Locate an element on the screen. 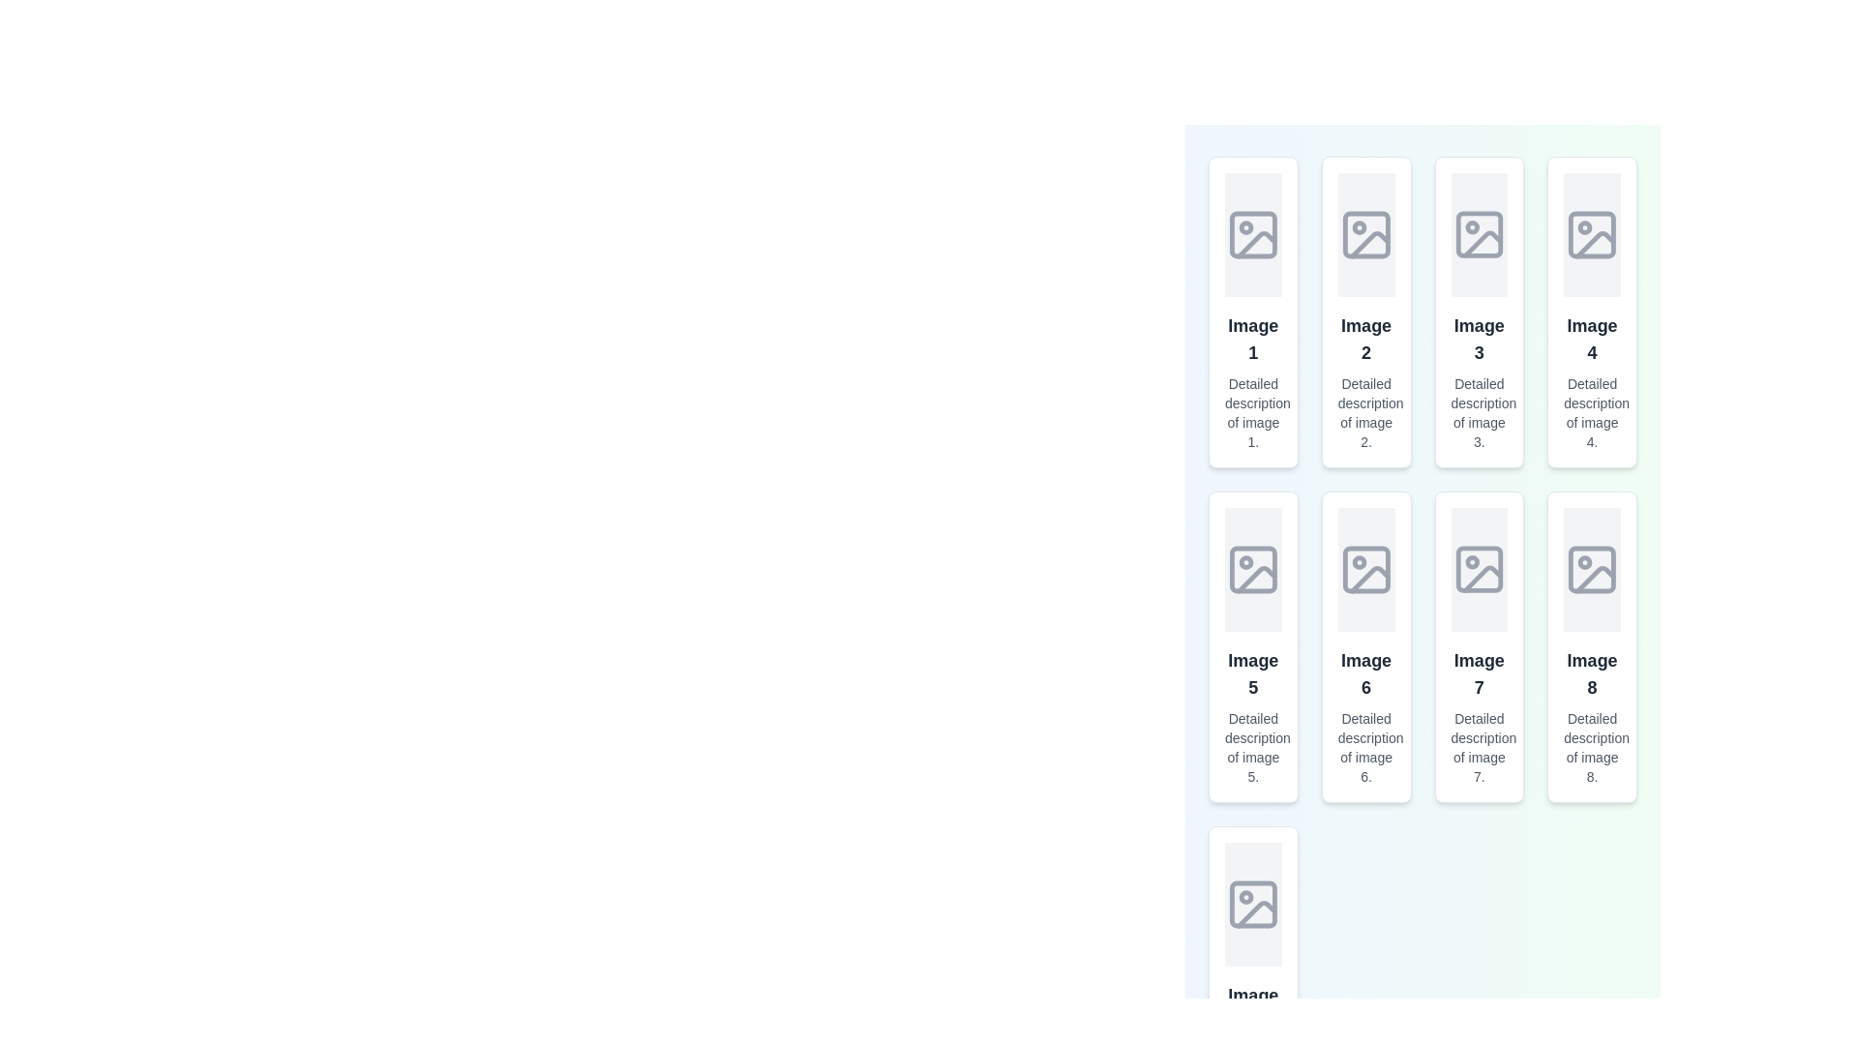 The height and width of the screenshot is (1045, 1858). the Card element that contains an image placeholder and descriptive text about 'Image 7', located in the second row, third column of the grid layout is located at coordinates (1478, 646).